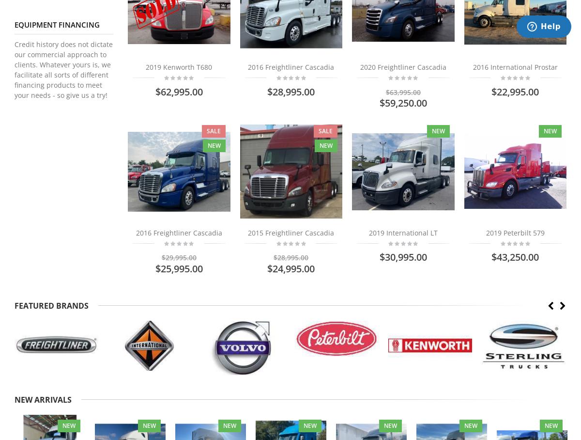 This screenshot has height=440, width=581. I want to click on 'We are happy to help our foreign friends. NCL Truck Sales Inc. is ready to ship the best used truck to many countries around the world, including Vietnam.', so click(270, 109).